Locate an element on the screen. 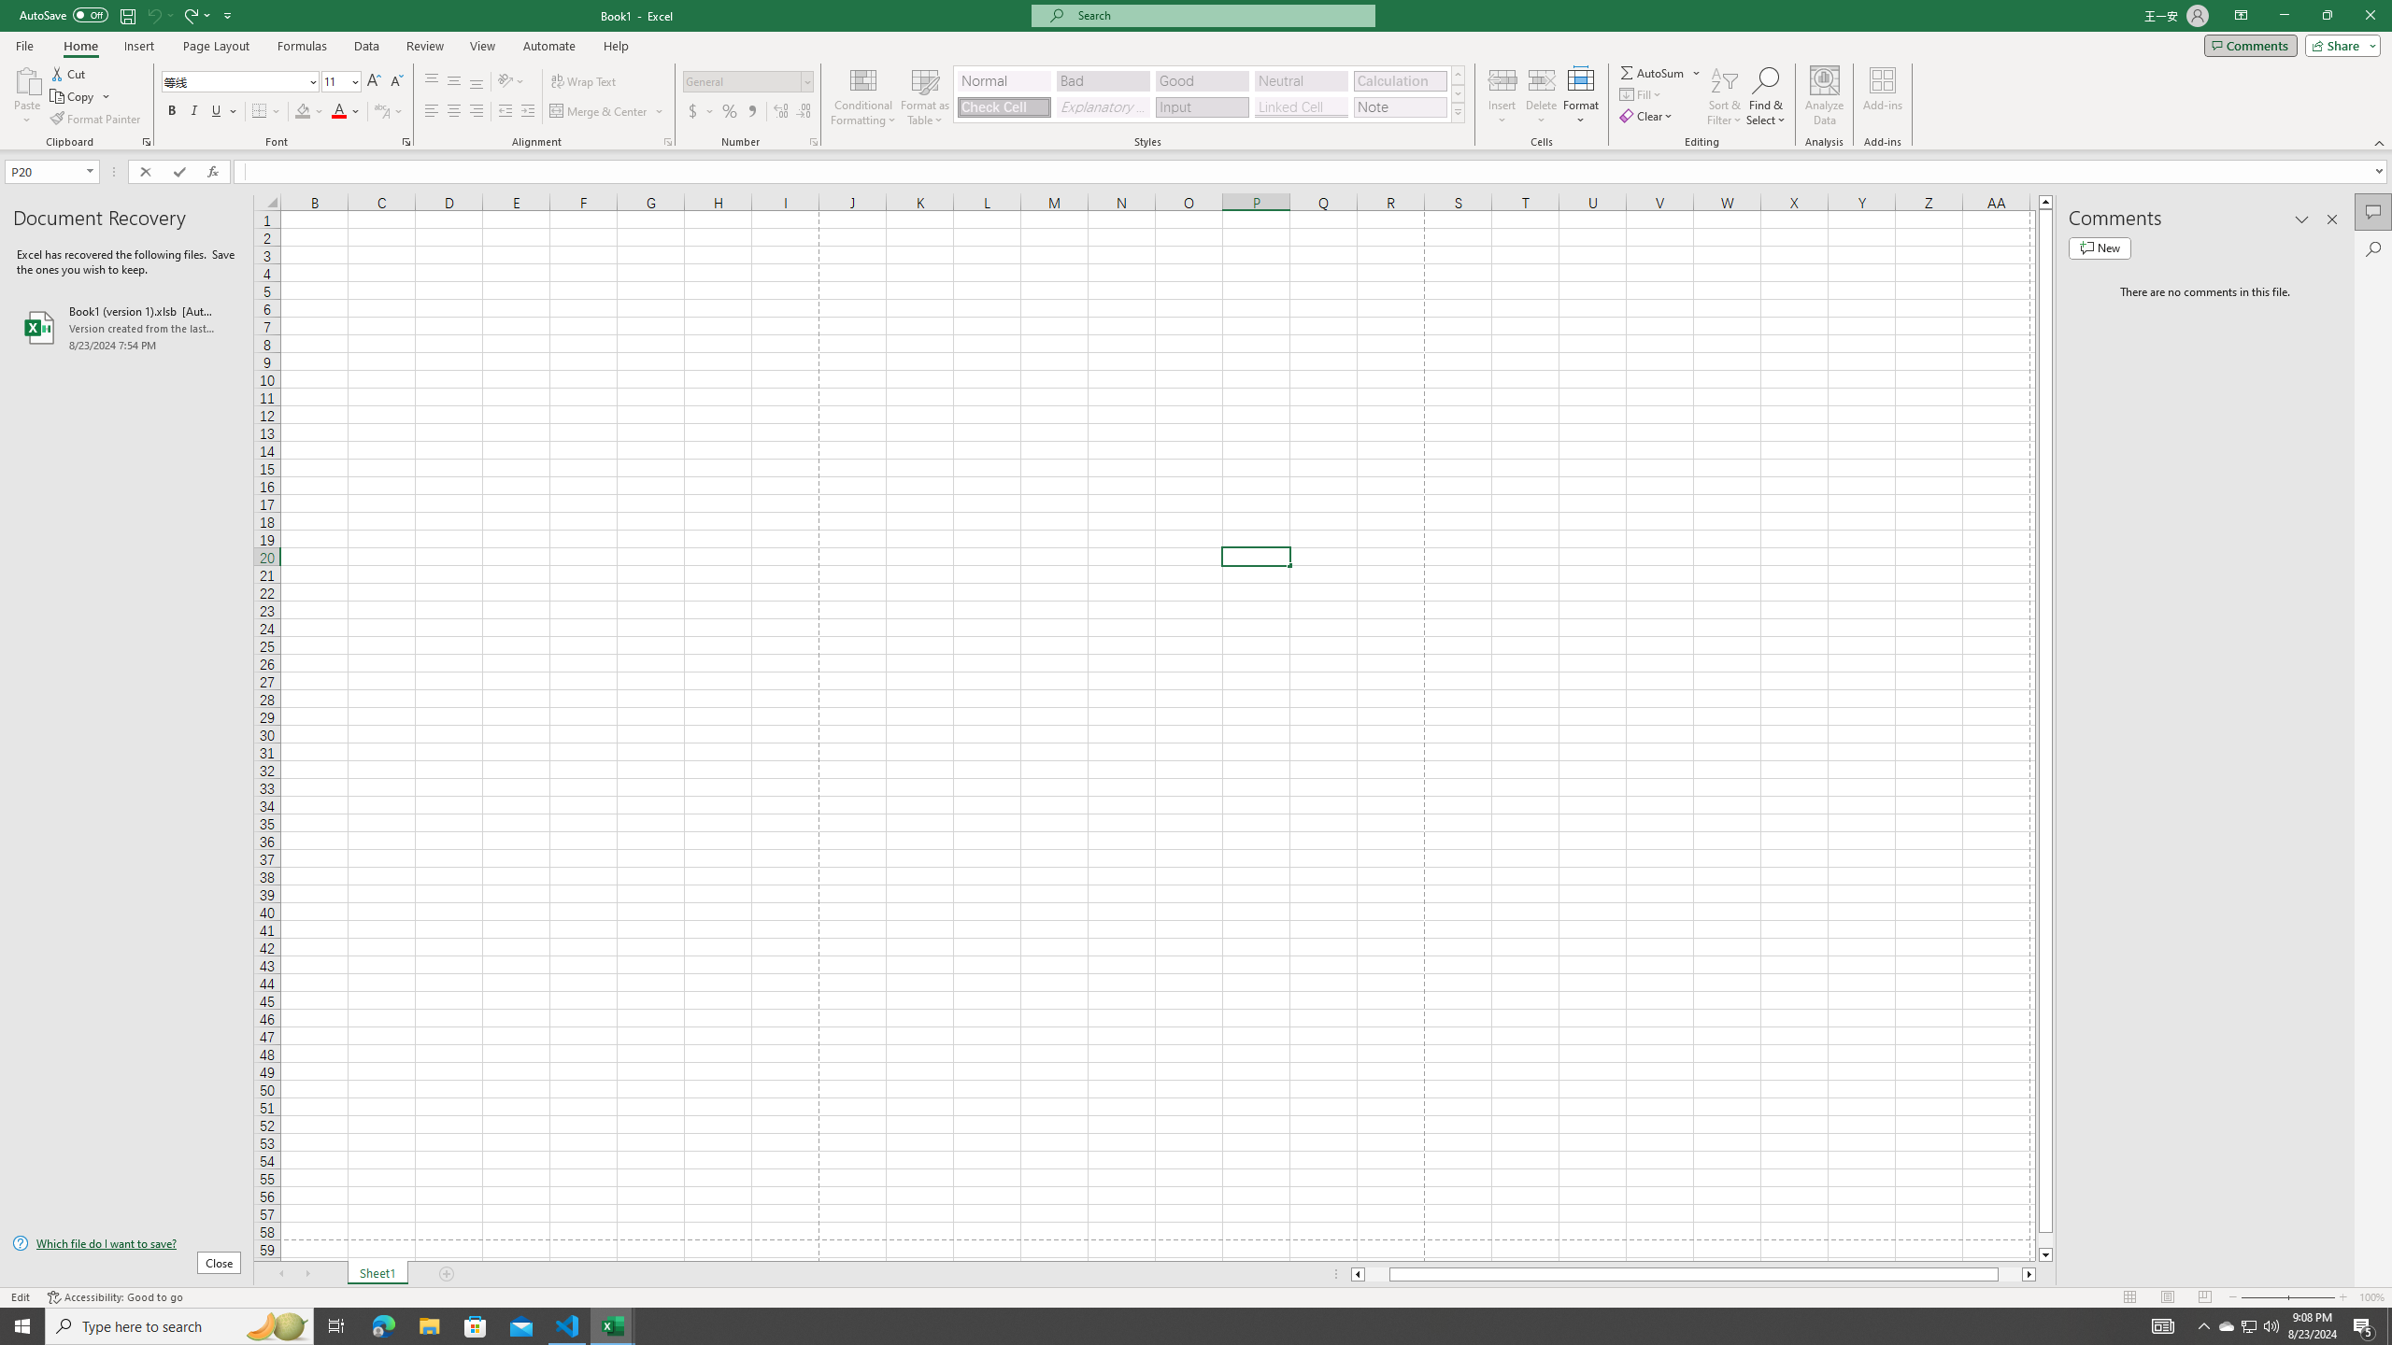 The image size is (2392, 1345). 'Increase Indent' is located at coordinates (526, 110).